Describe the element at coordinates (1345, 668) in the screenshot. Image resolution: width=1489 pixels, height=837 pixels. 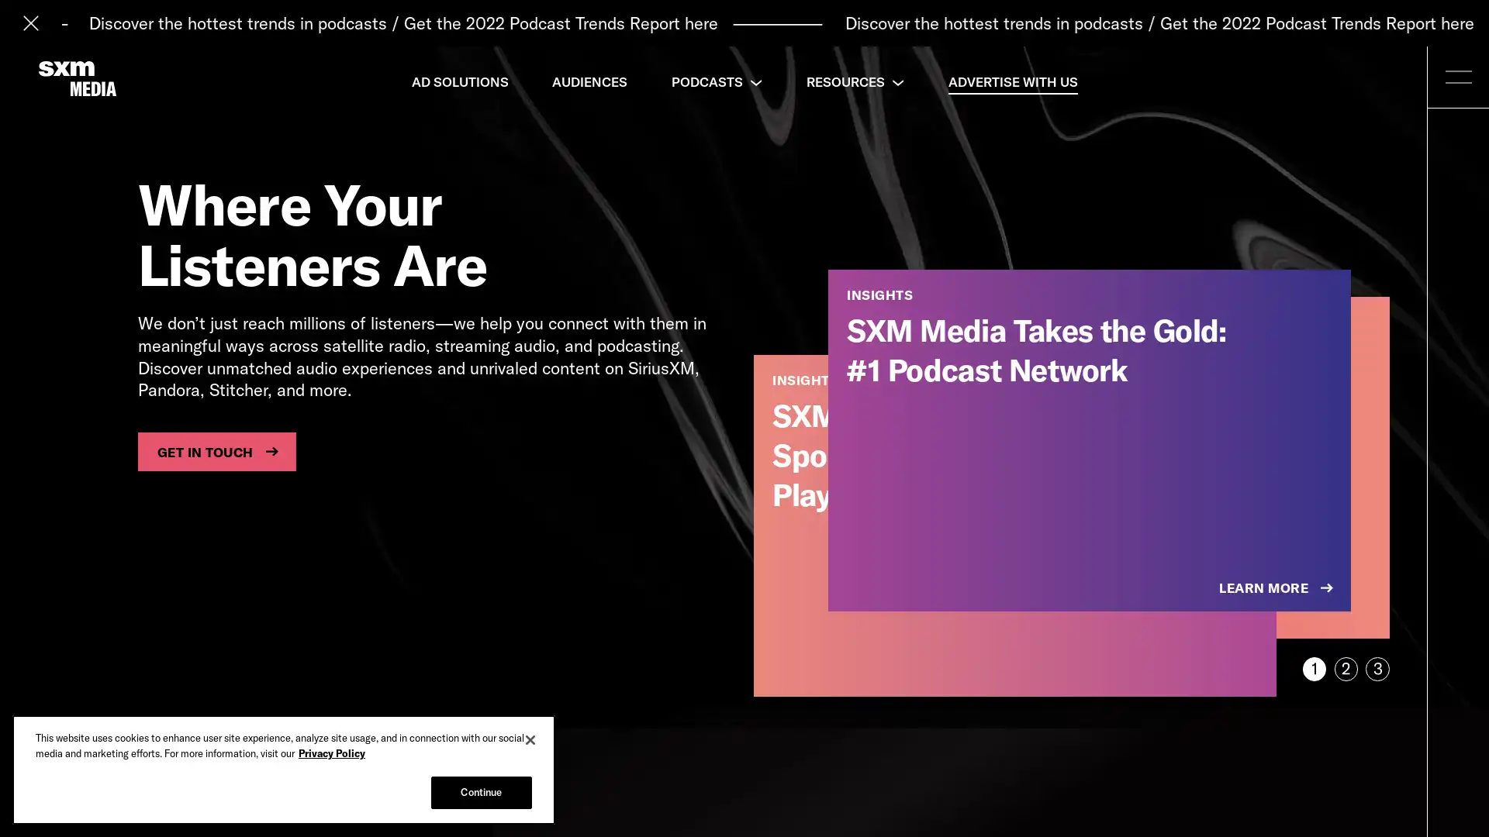
I see `2` at that location.